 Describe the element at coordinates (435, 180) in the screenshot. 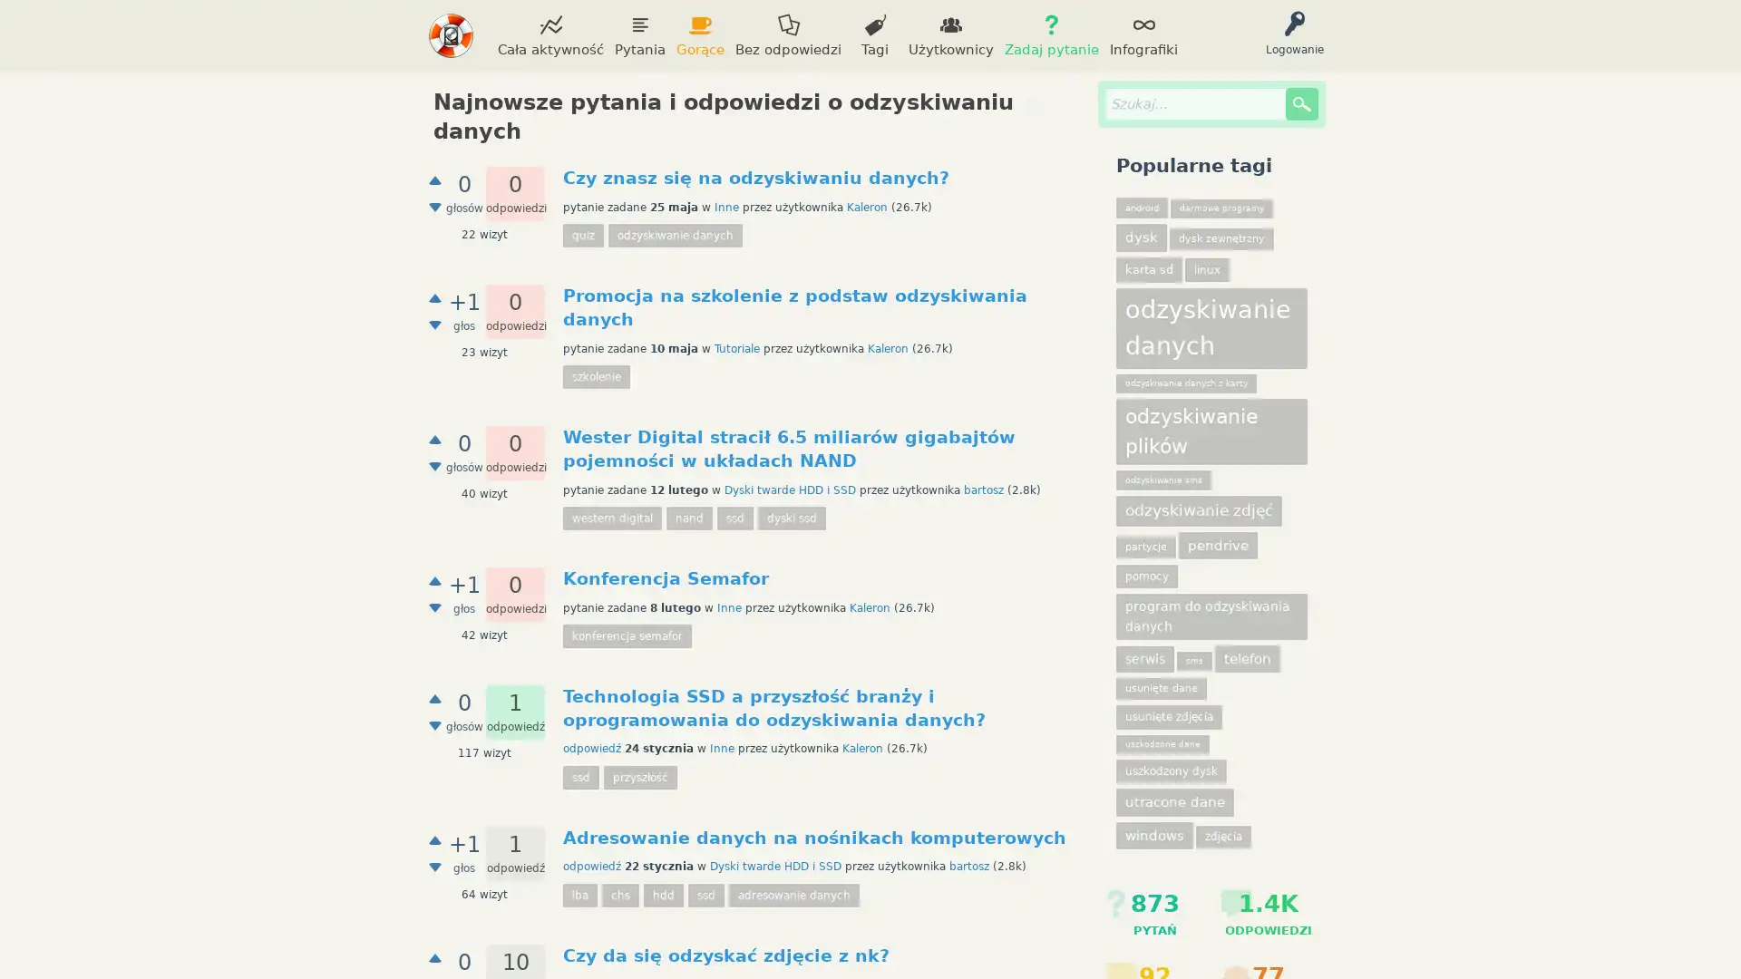

I see `+` at that location.